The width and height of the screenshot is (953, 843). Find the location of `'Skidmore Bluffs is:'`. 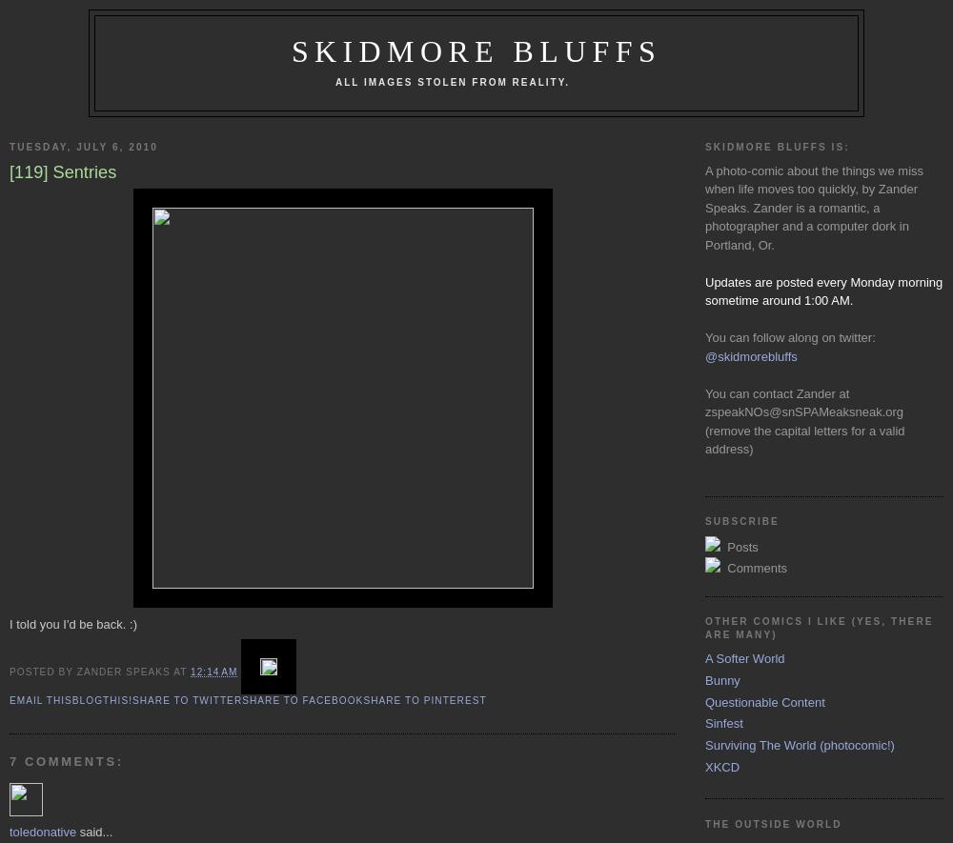

'Skidmore Bluffs is:' is located at coordinates (776, 146).